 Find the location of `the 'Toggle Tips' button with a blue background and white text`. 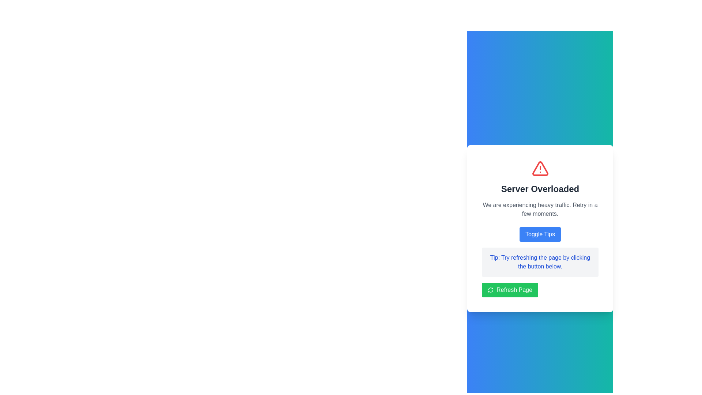

the 'Toggle Tips' button with a blue background and white text is located at coordinates (540, 234).